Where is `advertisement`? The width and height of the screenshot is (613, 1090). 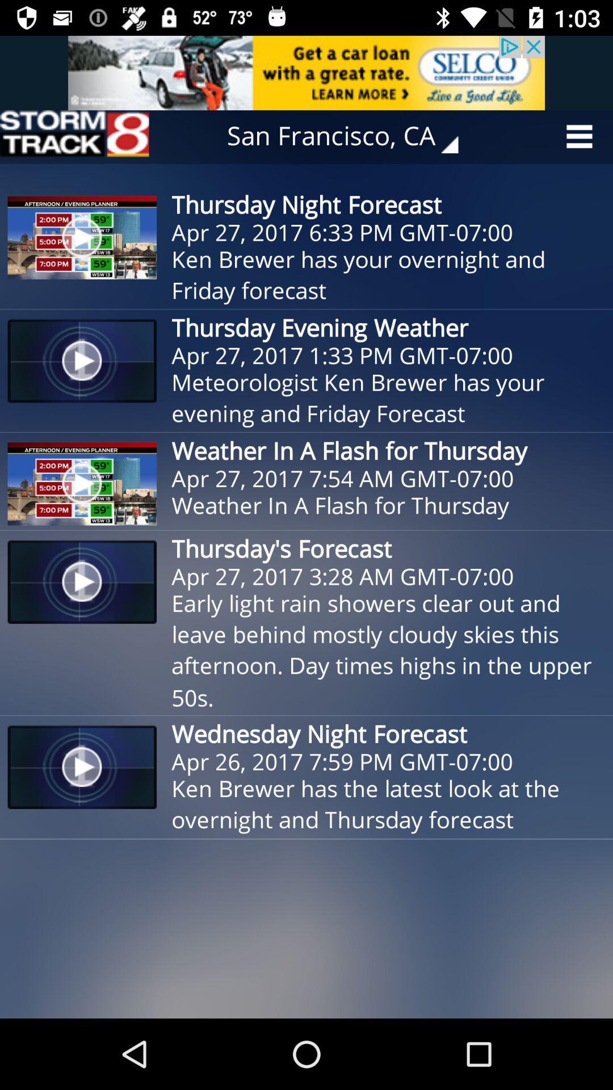 advertisement is located at coordinates (306, 72).